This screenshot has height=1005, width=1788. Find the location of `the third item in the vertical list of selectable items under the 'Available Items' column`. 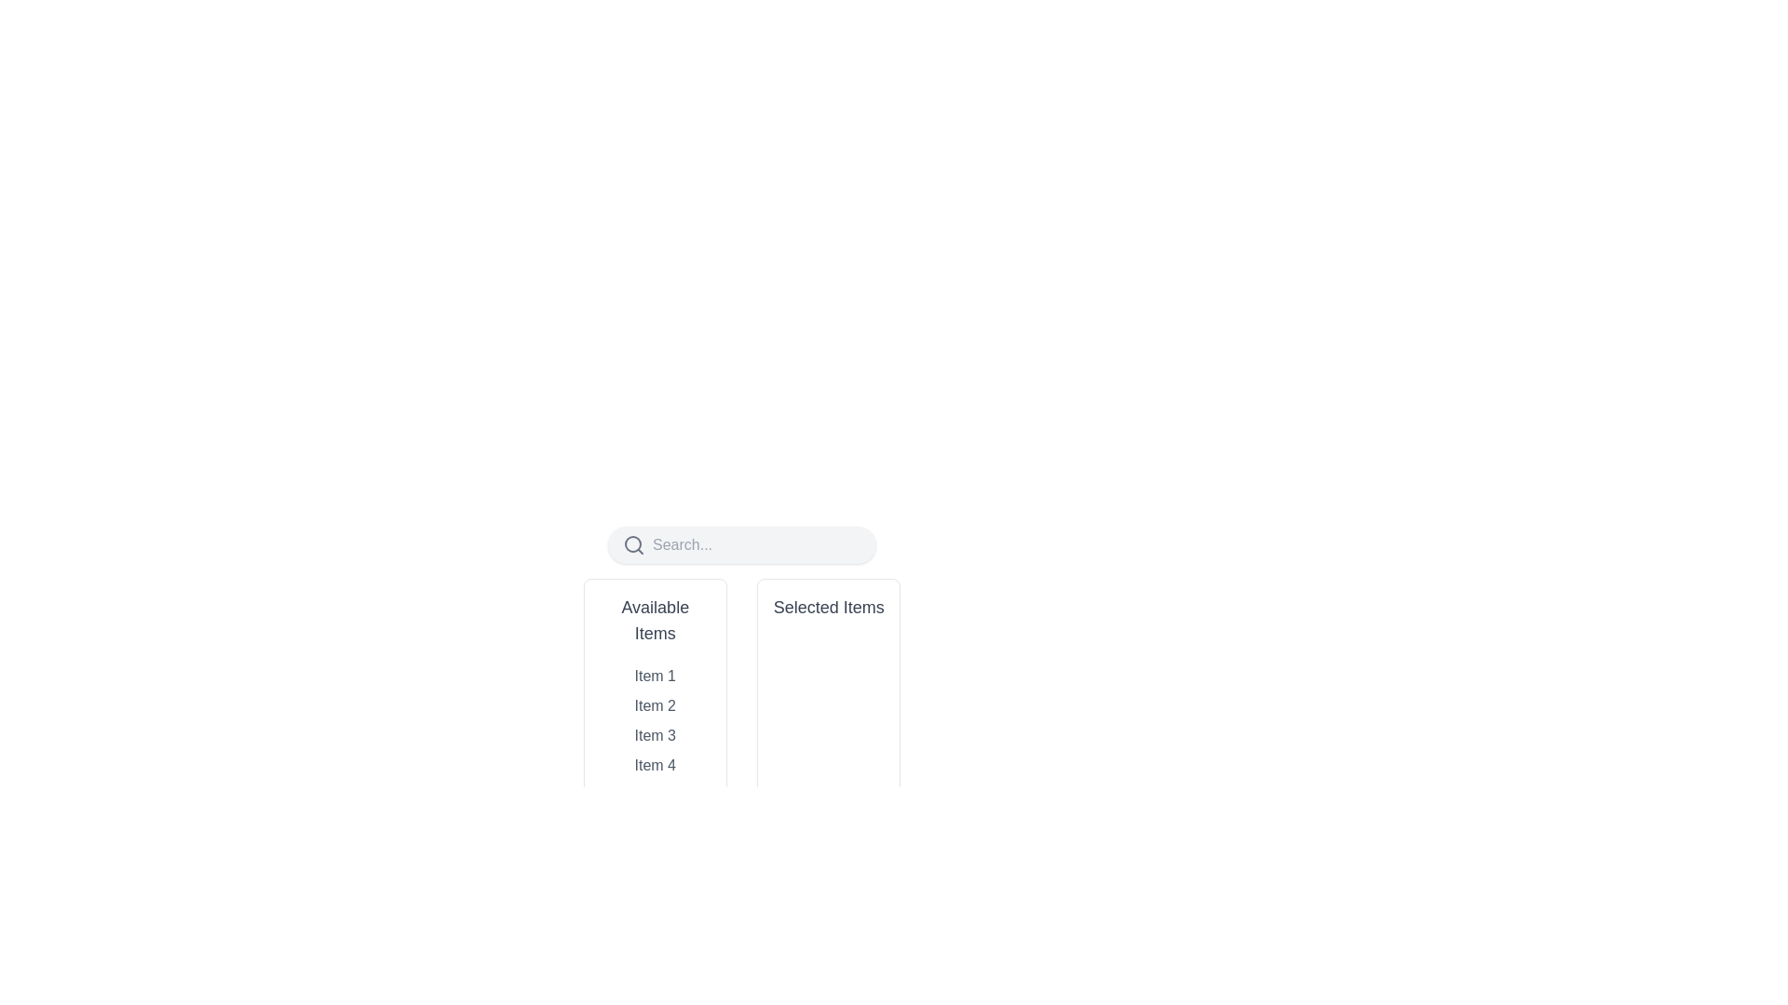

the third item in the vertical list of selectable items under the 'Available Items' column is located at coordinates (655, 734).